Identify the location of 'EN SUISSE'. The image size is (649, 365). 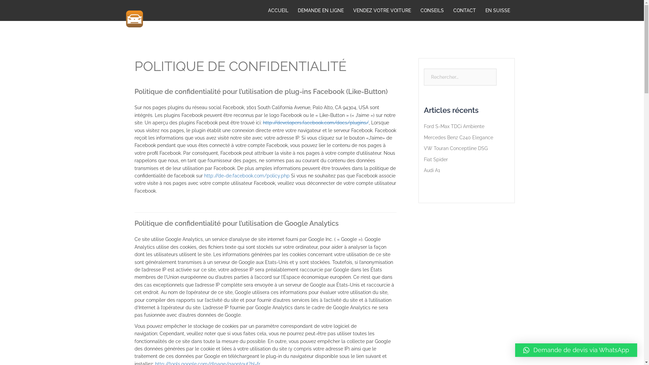
(485, 10).